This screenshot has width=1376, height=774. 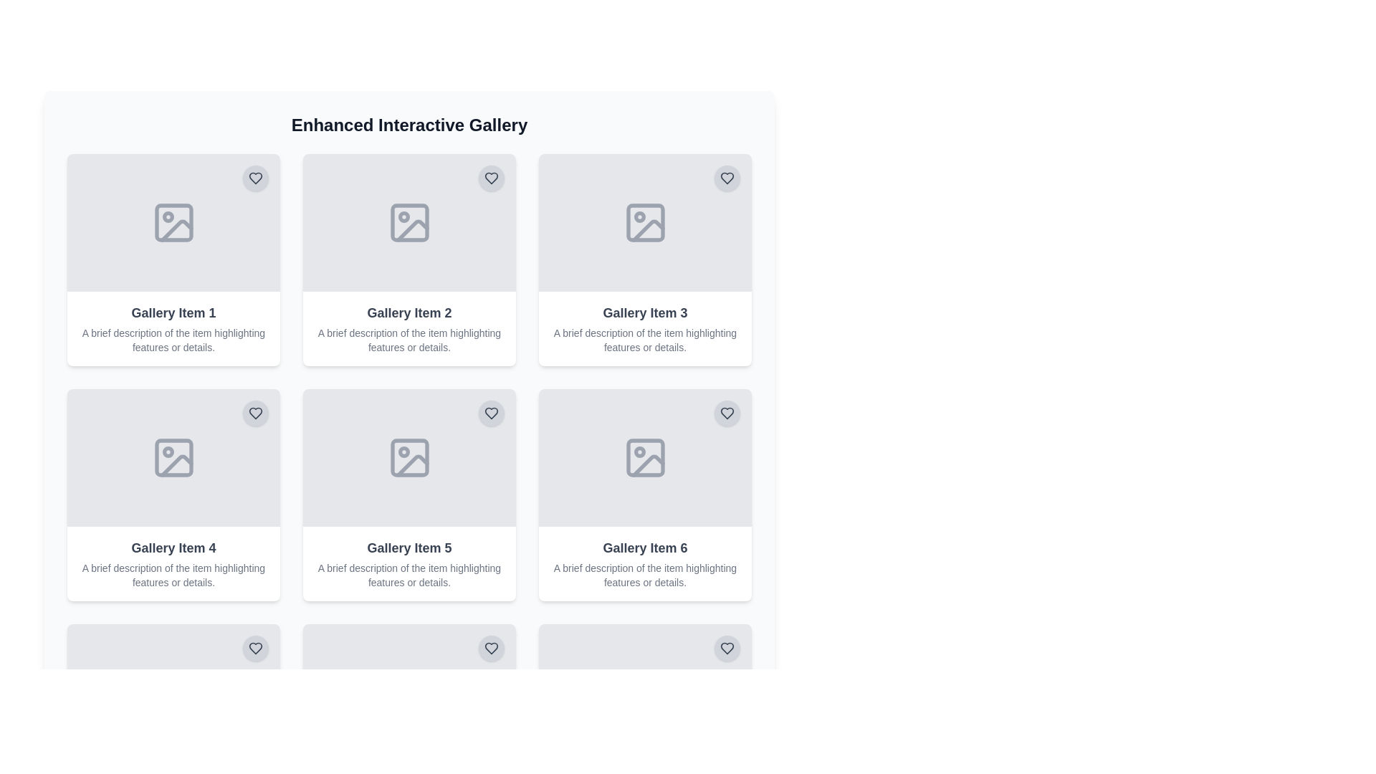 I want to click on the icon representing an image with a circular shape and a diagonal line intersecting a mountain-like figure, located in the cell labeled 'Gallery Item 5', so click(x=408, y=458).